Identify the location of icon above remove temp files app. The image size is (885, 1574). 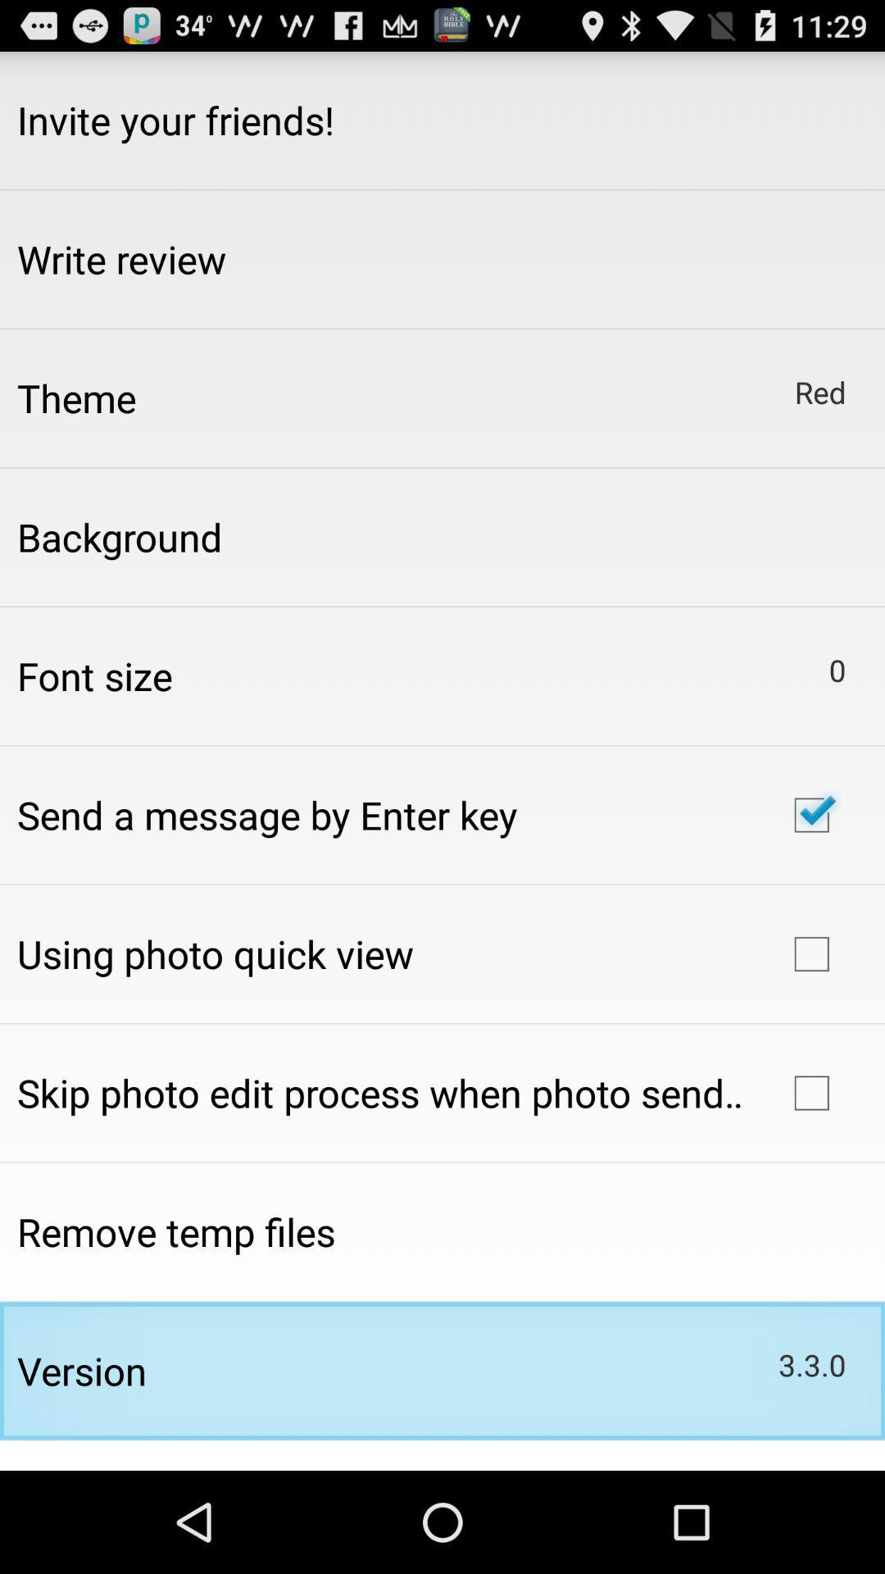
(379, 1093).